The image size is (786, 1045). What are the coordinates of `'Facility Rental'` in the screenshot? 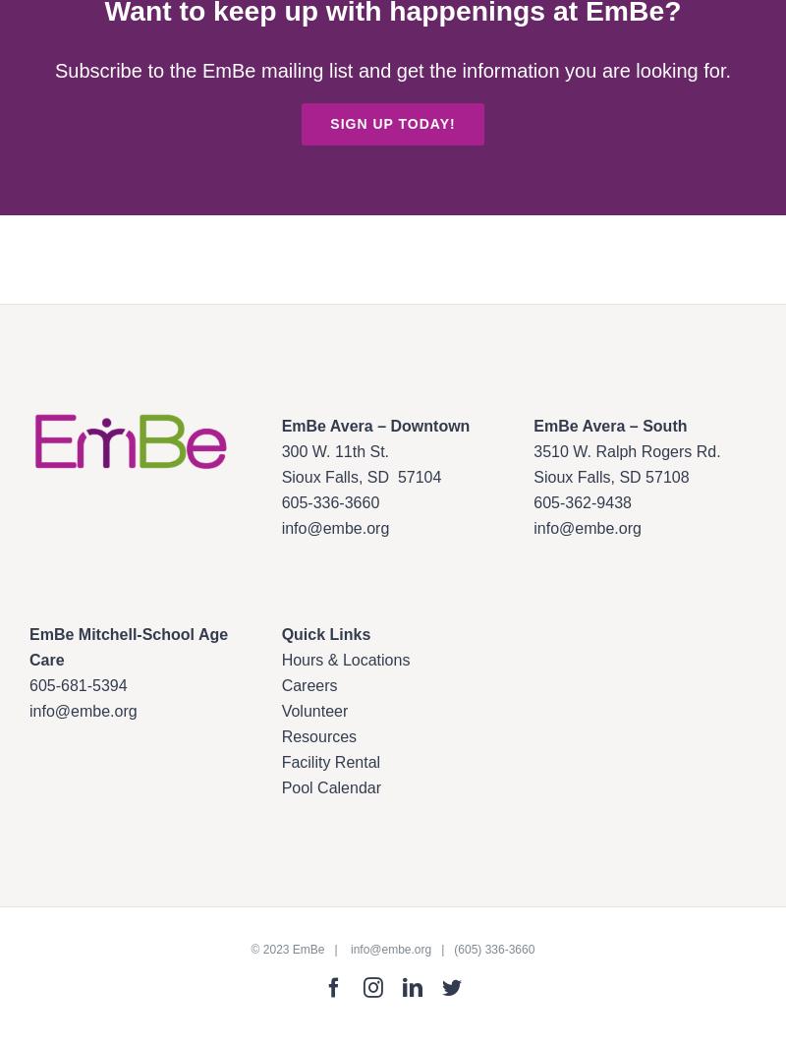 It's located at (330, 761).